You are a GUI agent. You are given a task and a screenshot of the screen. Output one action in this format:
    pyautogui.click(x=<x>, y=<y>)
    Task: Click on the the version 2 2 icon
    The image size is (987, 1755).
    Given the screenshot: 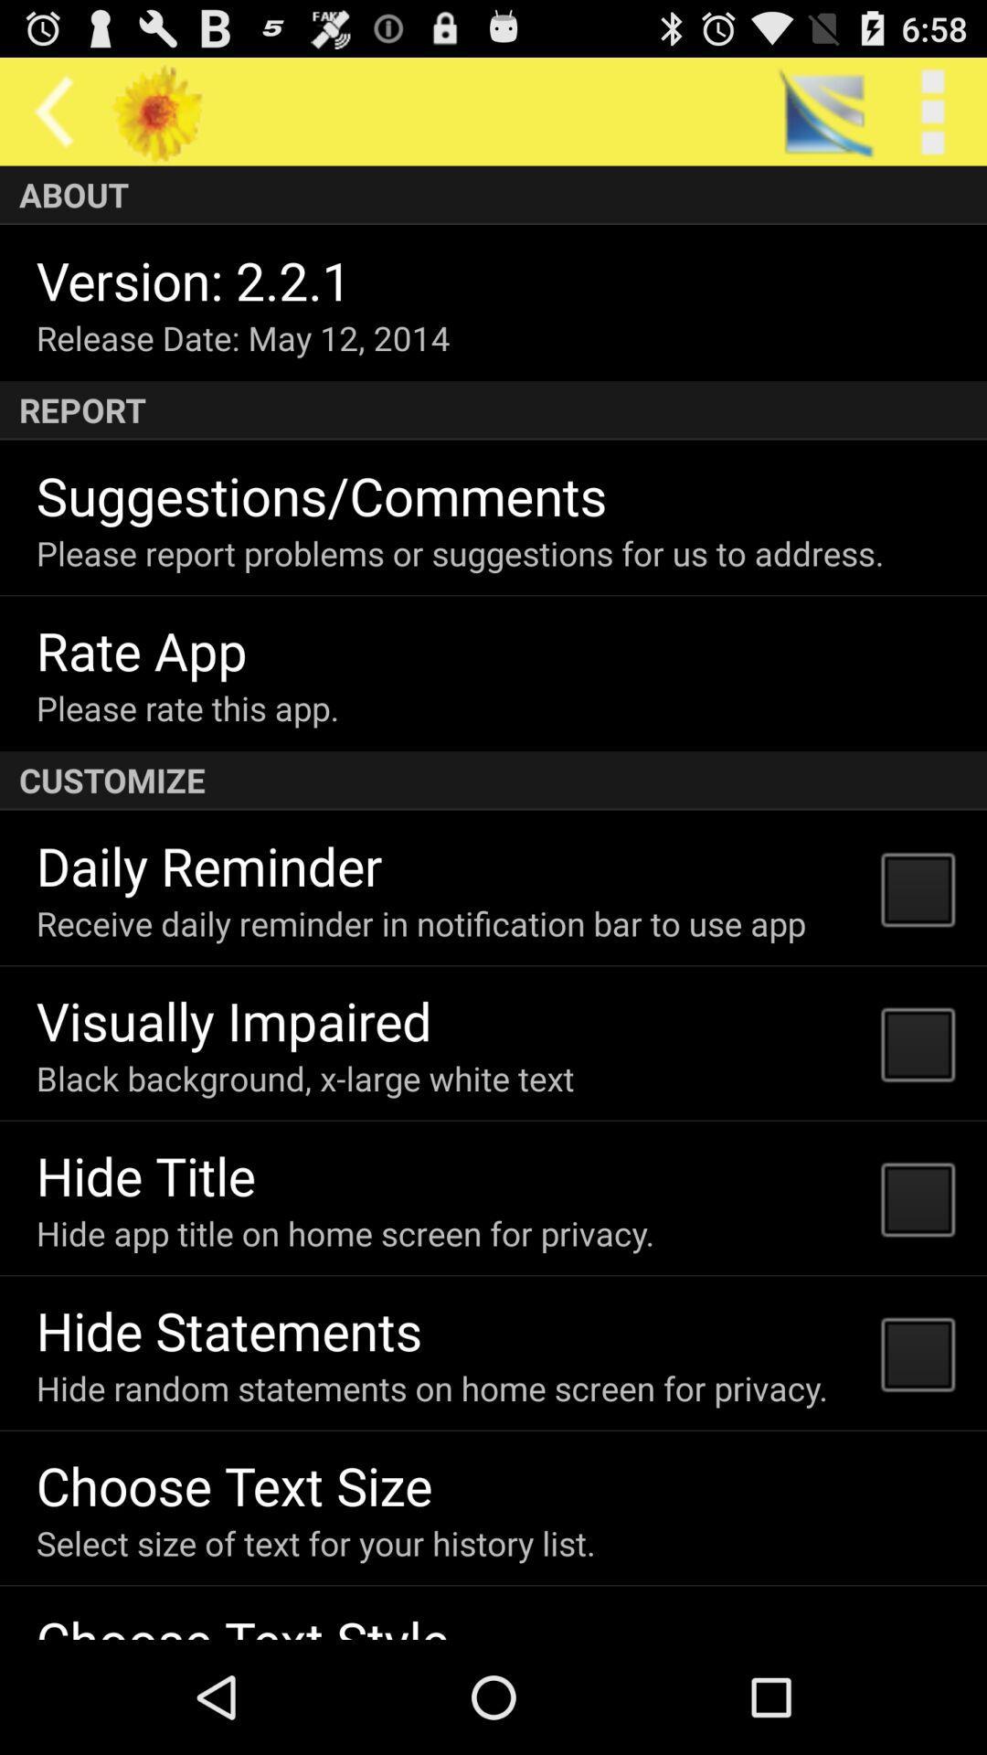 What is the action you would take?
    pyautogui.click(x=194, y=279)
    